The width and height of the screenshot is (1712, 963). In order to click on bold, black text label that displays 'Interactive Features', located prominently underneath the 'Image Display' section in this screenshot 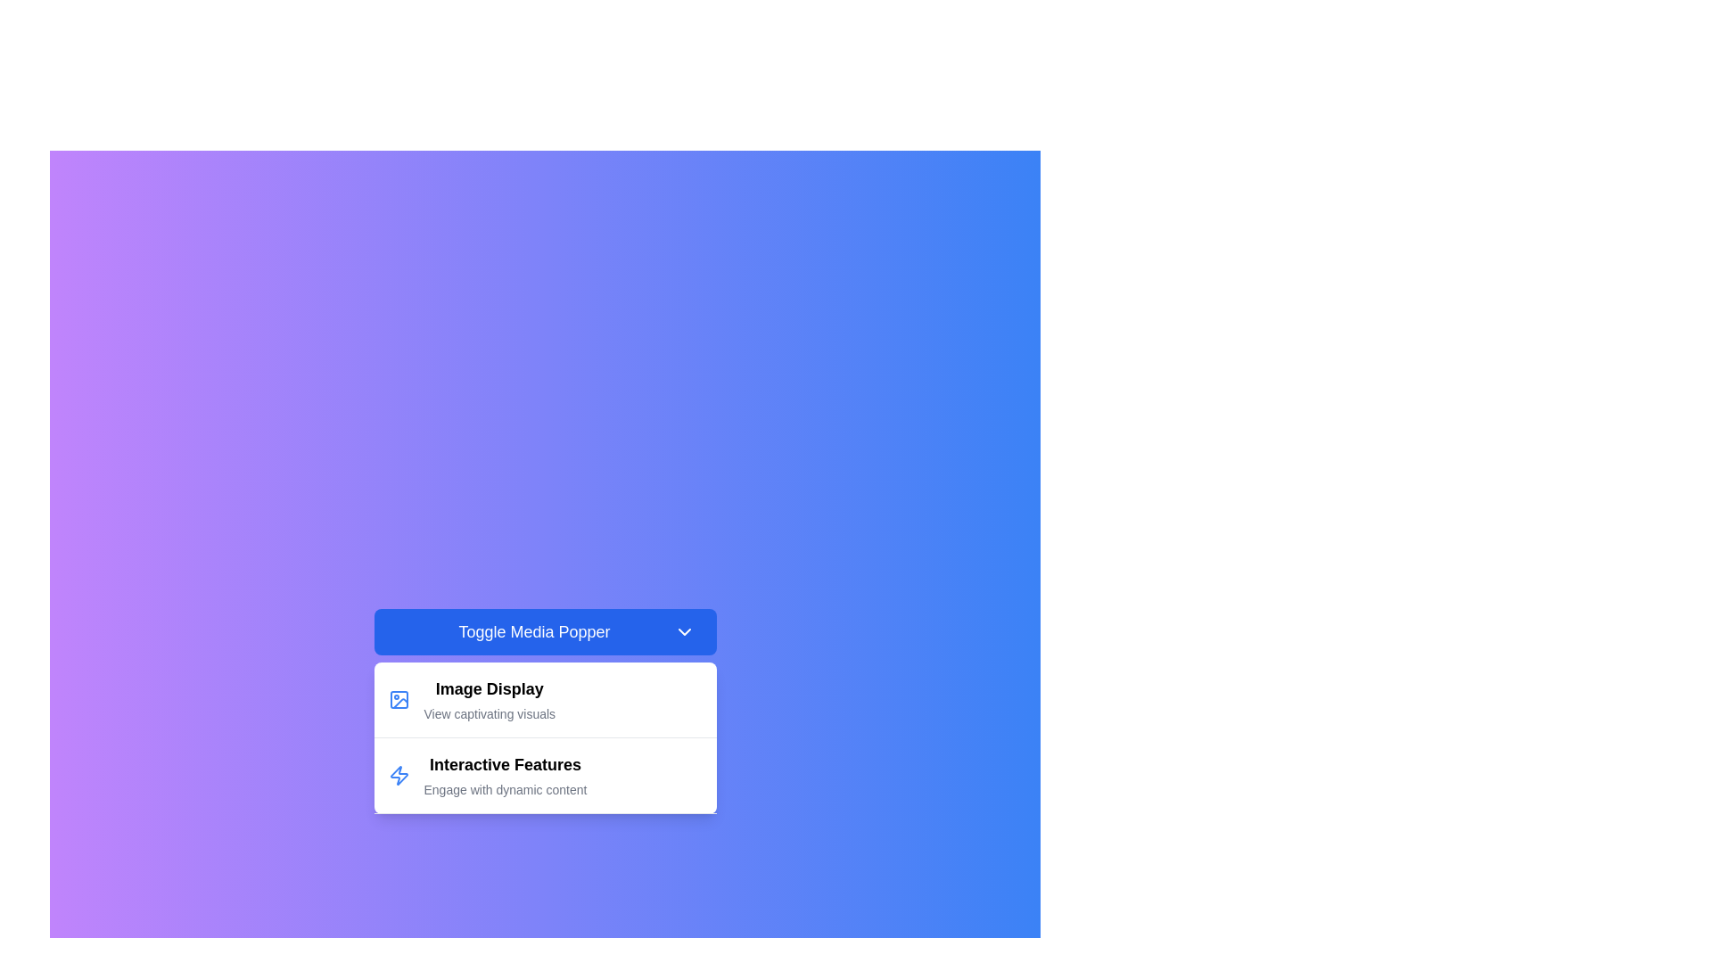, I will do `click(504, 763)`.